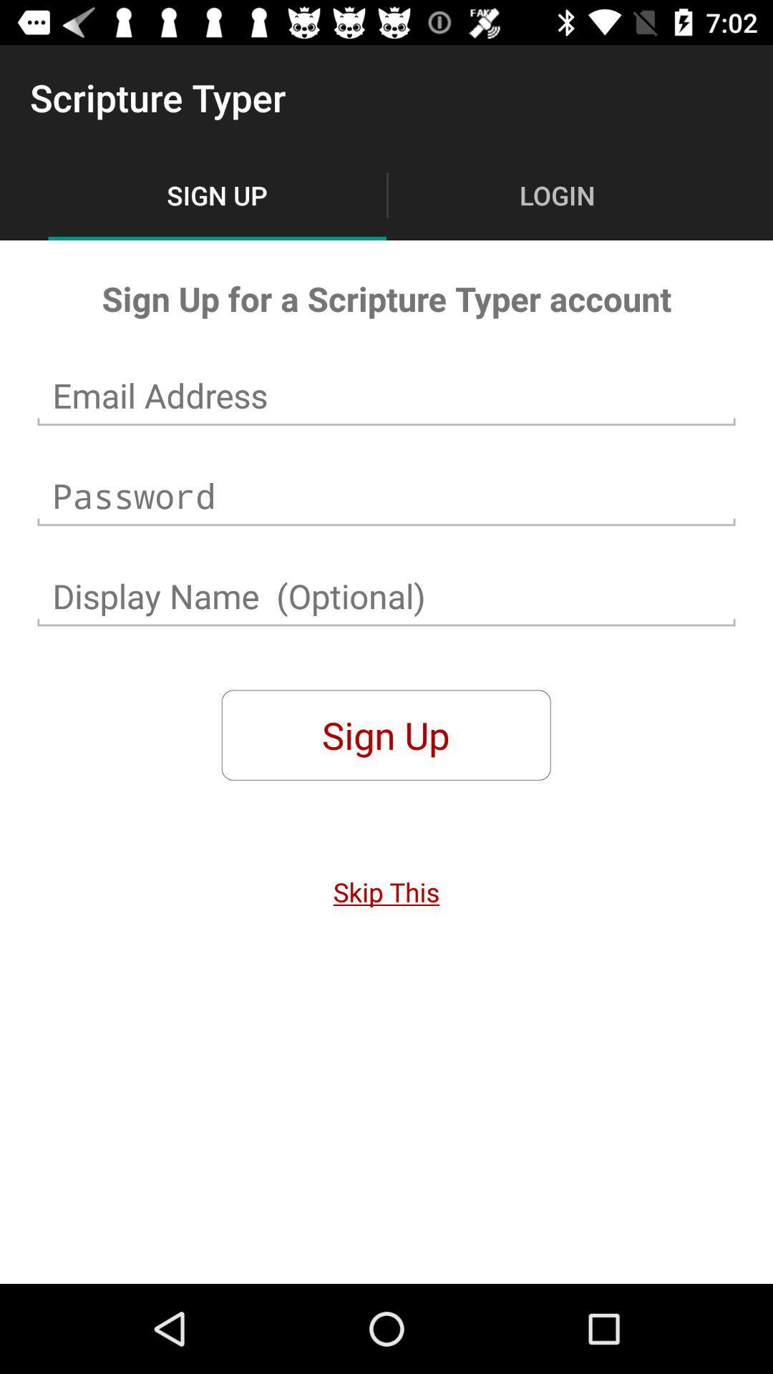 This screenshot has width=773, height=1374. I want to click on display name, so click(386, 597).